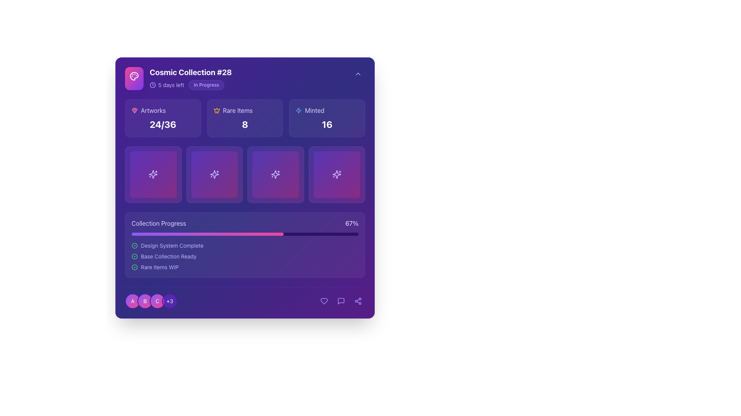  What do you see at coordinates (151, 300) in the screenshot?
I see `the avatar group consisting of overlapping circular avatars labeled 'A', 'B', 'C', and '+3'` at bounding box center [151, 300].